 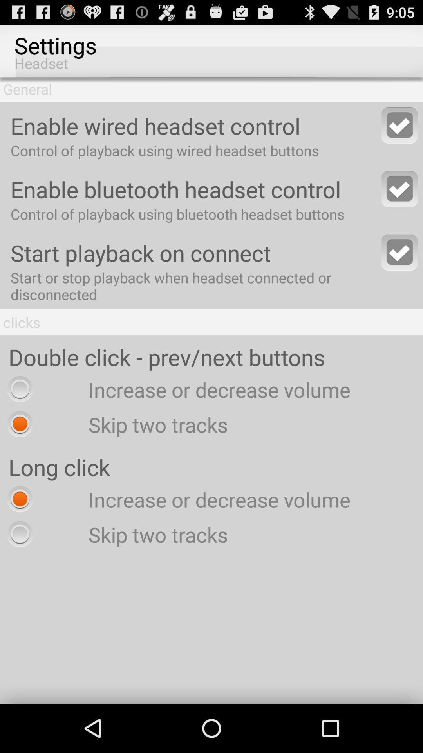 I want to click on this option, so click(x=399, y=252).